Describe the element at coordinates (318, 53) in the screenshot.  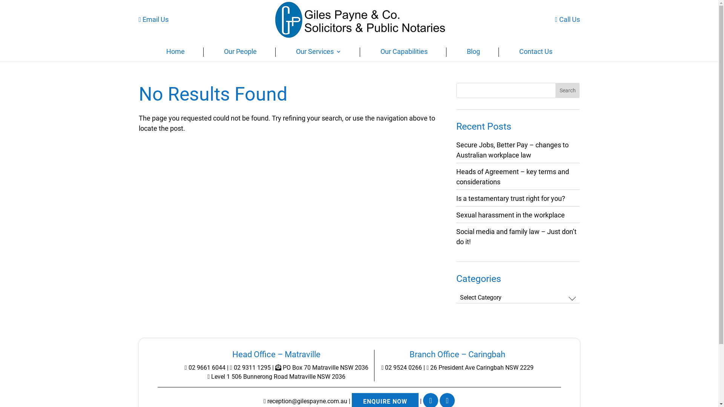
I see `'Our Services'` at that location.